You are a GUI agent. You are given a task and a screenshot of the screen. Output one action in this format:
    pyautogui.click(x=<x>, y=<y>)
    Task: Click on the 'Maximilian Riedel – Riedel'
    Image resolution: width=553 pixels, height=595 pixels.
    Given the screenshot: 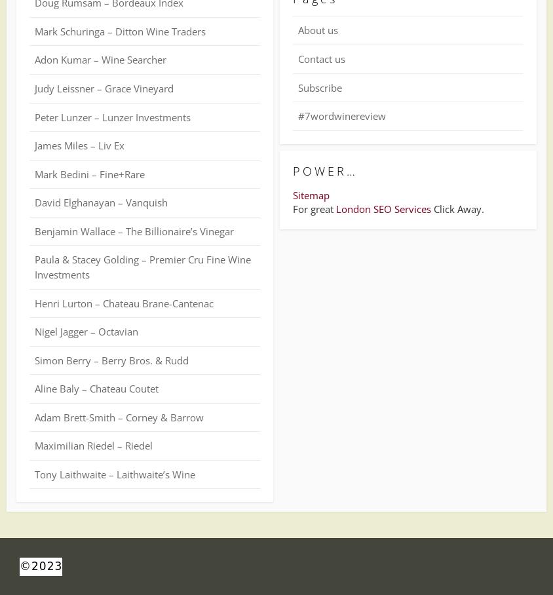 What is the action you would take?
    pyautogui.click(x=93, y=446)
    